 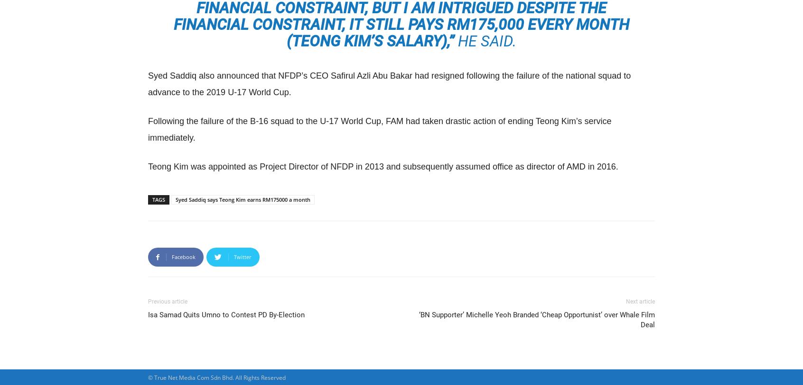 What do you see at coordinates (485, 40) in the screenshot?
I see `'he said.'` at bounding box center [485, 40].